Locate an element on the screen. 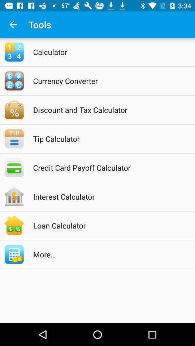 The height and width of the screenshot is (346, 195). the discount and tax icon is located at coordinates (107, 110).